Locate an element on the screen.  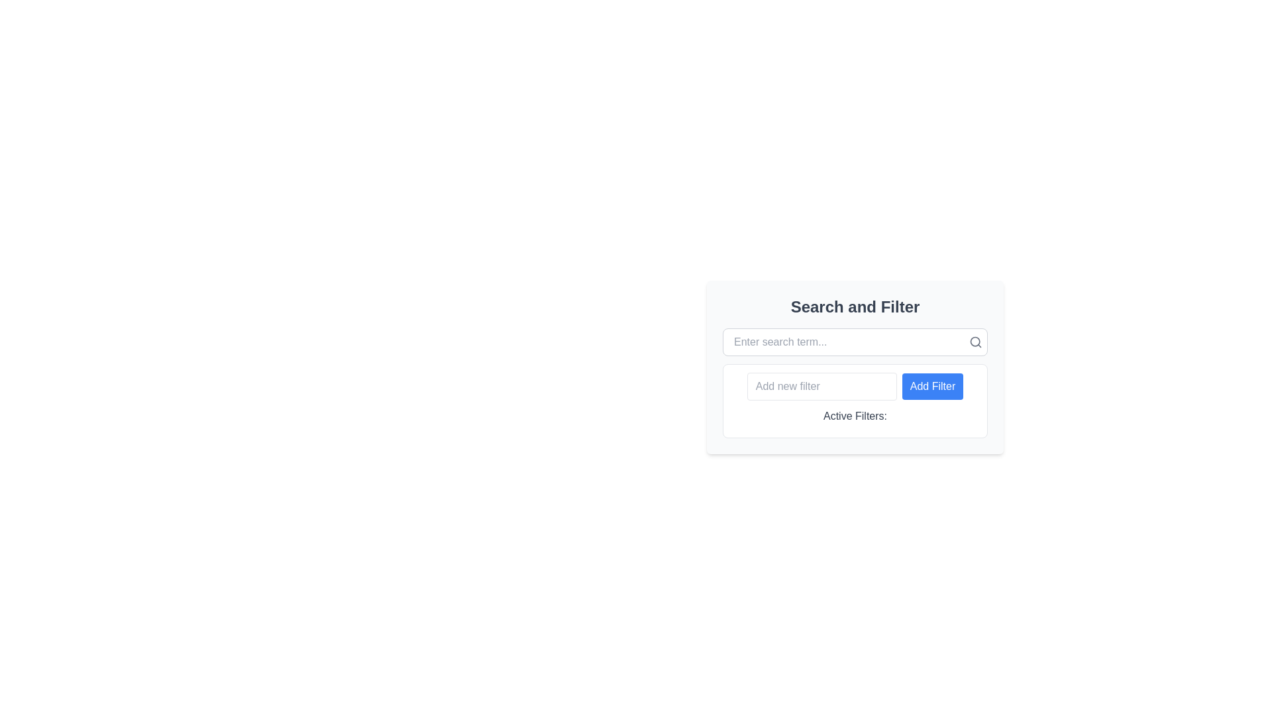
the search icon located at the top-right corner of the search interface, adjacent to the input field with the placeholder 'Enter search term...' is located at coordinates (976, 341).